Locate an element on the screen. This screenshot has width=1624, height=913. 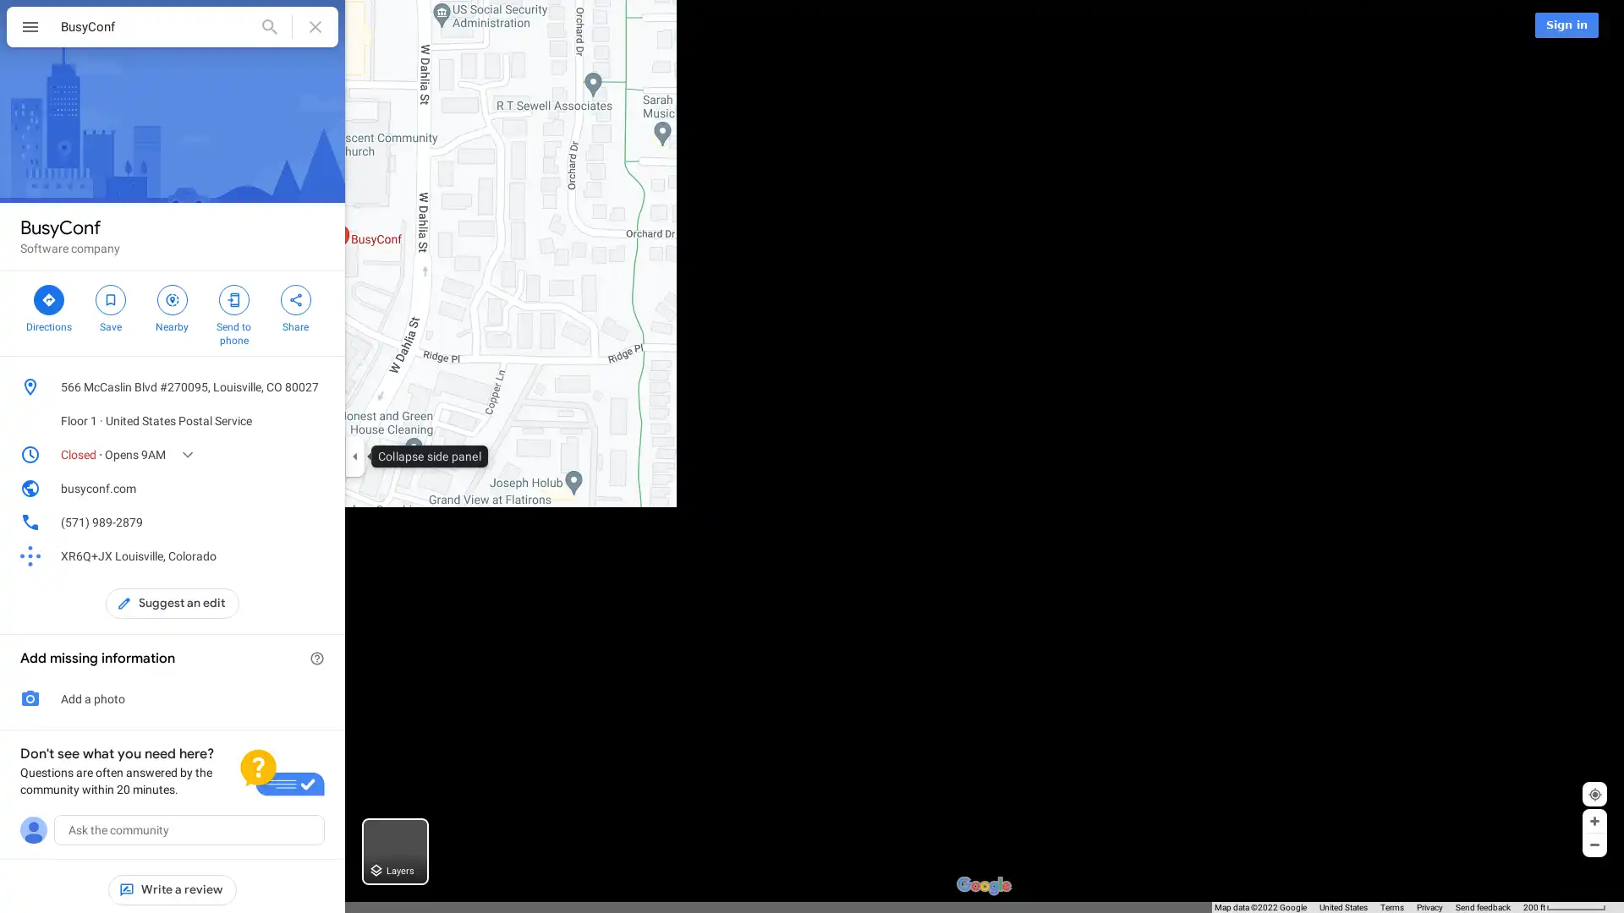
Collapse side panel is located at coordinates (354, 456).